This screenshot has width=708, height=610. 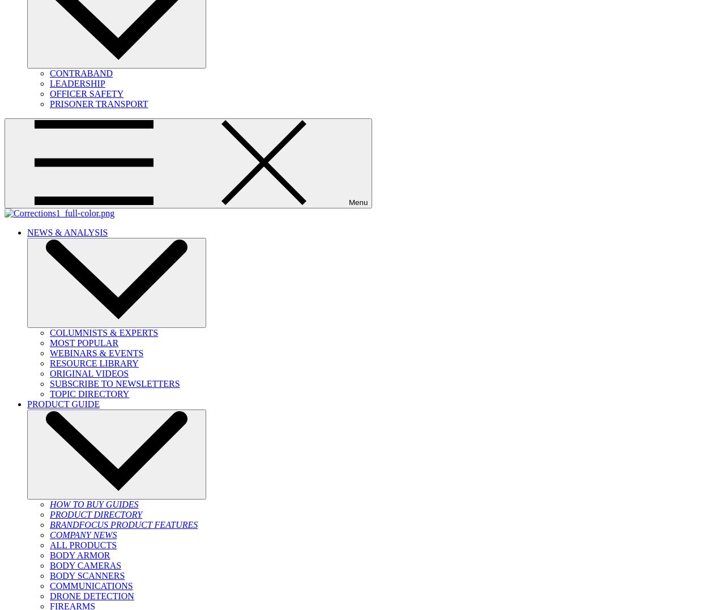 I want to click on 'CONTRABAND', so click(x=81, y=73).